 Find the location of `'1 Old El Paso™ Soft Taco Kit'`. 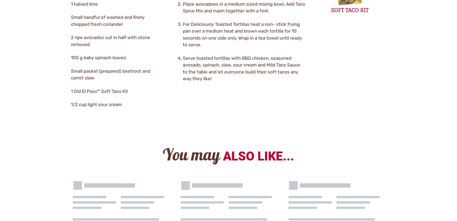

'1 Old El Paso™ Soft Taco Kit' is located at coordinates (99, 91).